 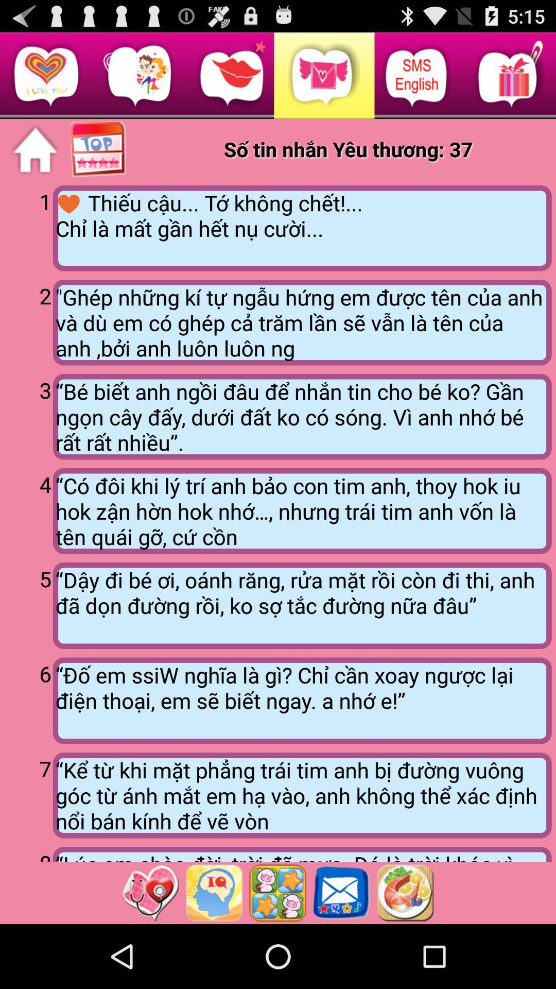 What do you see at coordinates (28, 227) in the screenshot?
I see `icon above 2` at bounding box center [28, 227].